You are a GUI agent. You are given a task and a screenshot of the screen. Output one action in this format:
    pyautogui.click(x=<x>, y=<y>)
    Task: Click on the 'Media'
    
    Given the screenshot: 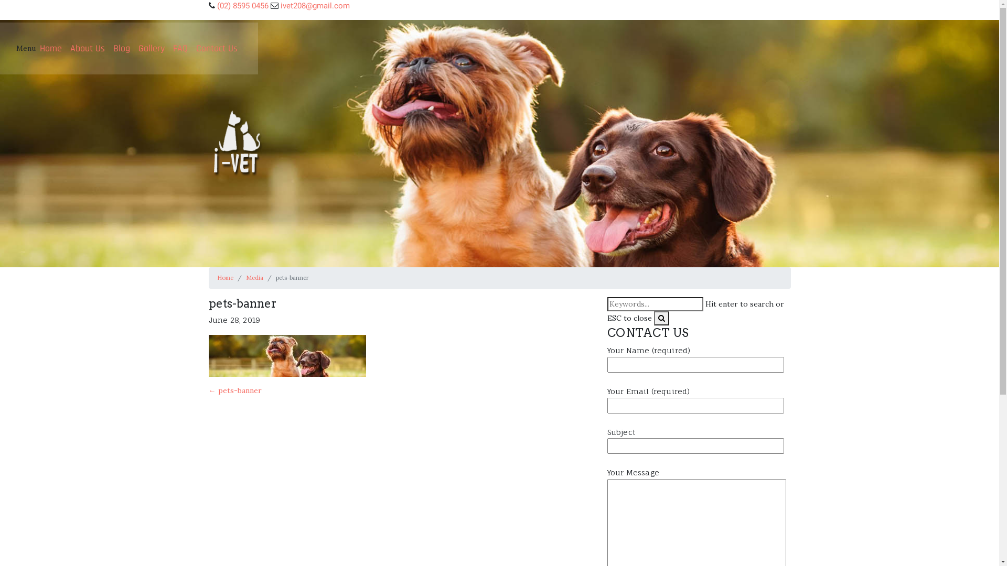 What is the action you would take?
    pyautogui.click(x=254, y=277)
    